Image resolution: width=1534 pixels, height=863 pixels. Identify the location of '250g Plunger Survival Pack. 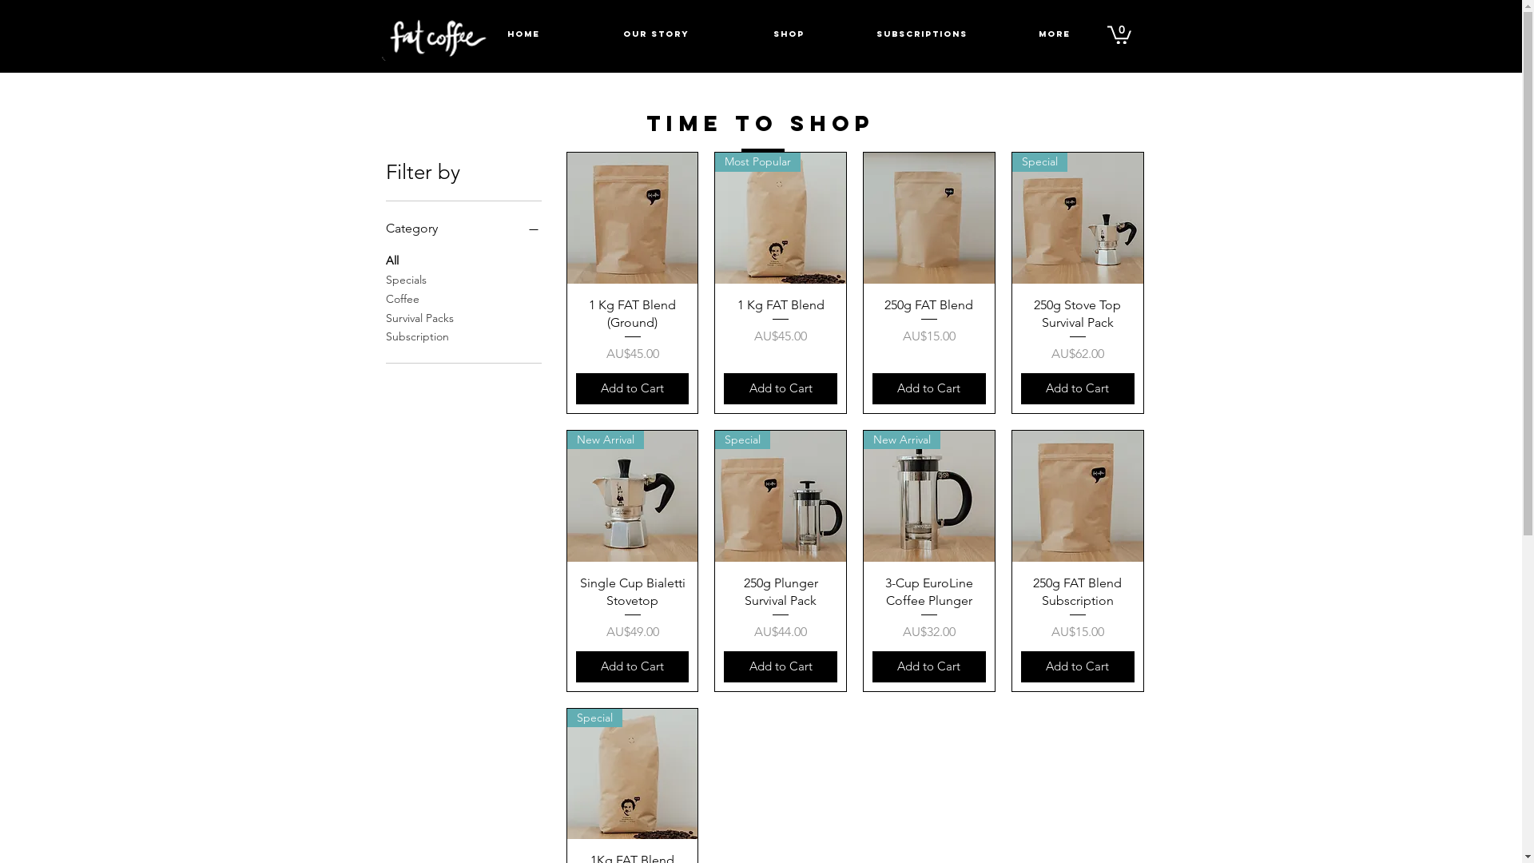
(781, 608).